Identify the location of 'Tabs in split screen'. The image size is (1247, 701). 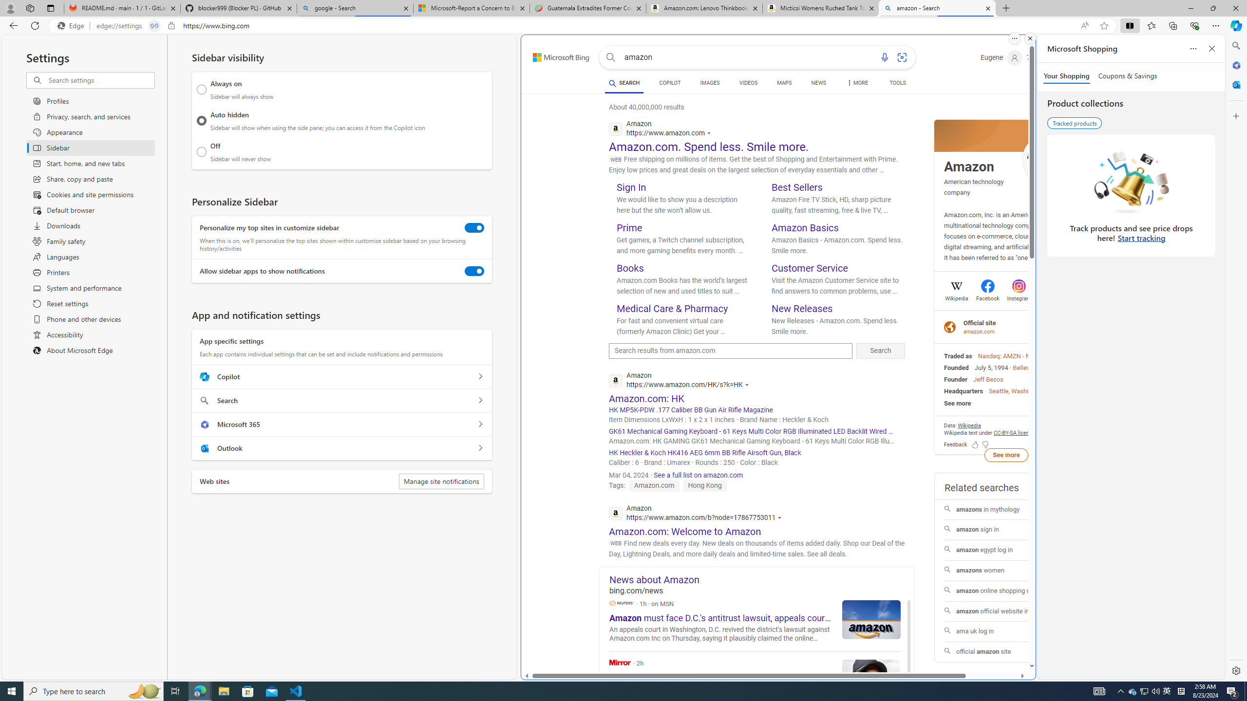
(154, 26).